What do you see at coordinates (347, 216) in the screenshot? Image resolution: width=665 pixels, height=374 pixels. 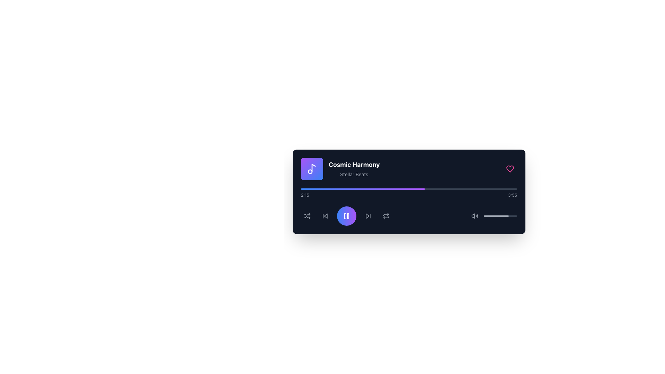 I see `the pause button located in the central position of the audio player control section to halt the playback of the current track` at bounding box center [347, 216].